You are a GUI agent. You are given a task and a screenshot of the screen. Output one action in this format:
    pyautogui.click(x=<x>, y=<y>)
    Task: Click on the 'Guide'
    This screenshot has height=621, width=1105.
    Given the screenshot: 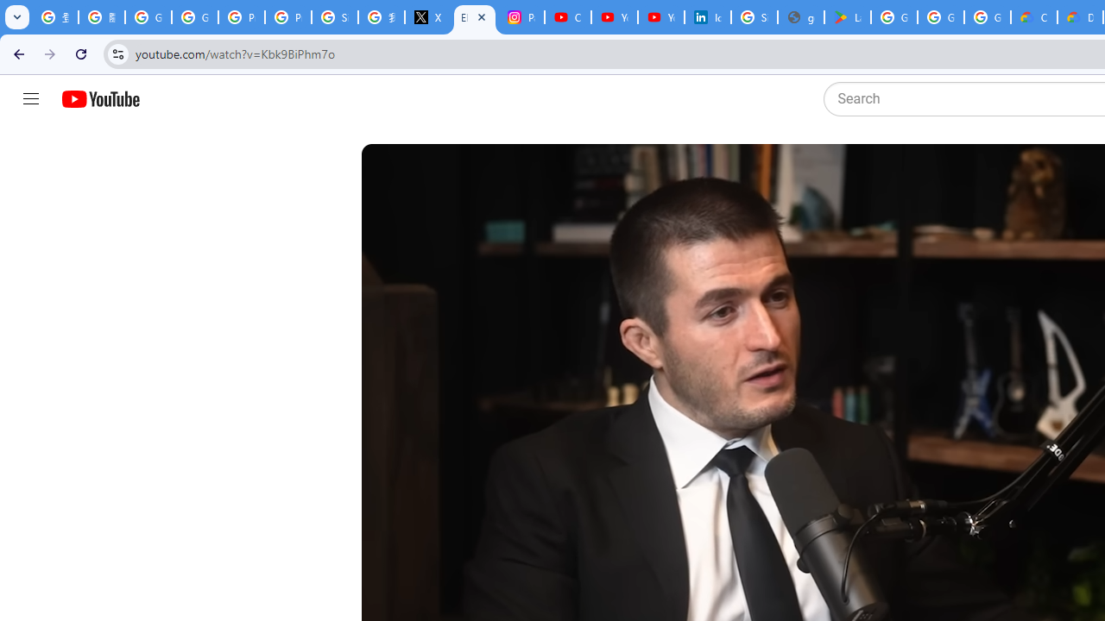 What is the action you would take?
    pyautogui.click(x=30, y=99)
    